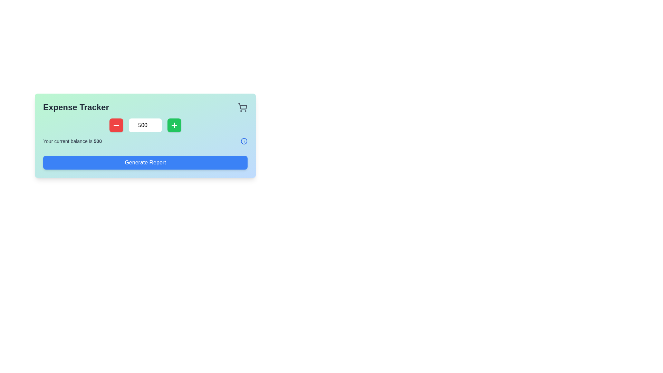 Image resolution: width=663 pixels, height=373 pixels. Describe the element at coordinates (97, 141) in the screenshot. I see `displayed text '500' from the text label indicating the current balance, which is in bold, dark font at the lower left section of the card interface` at that location.